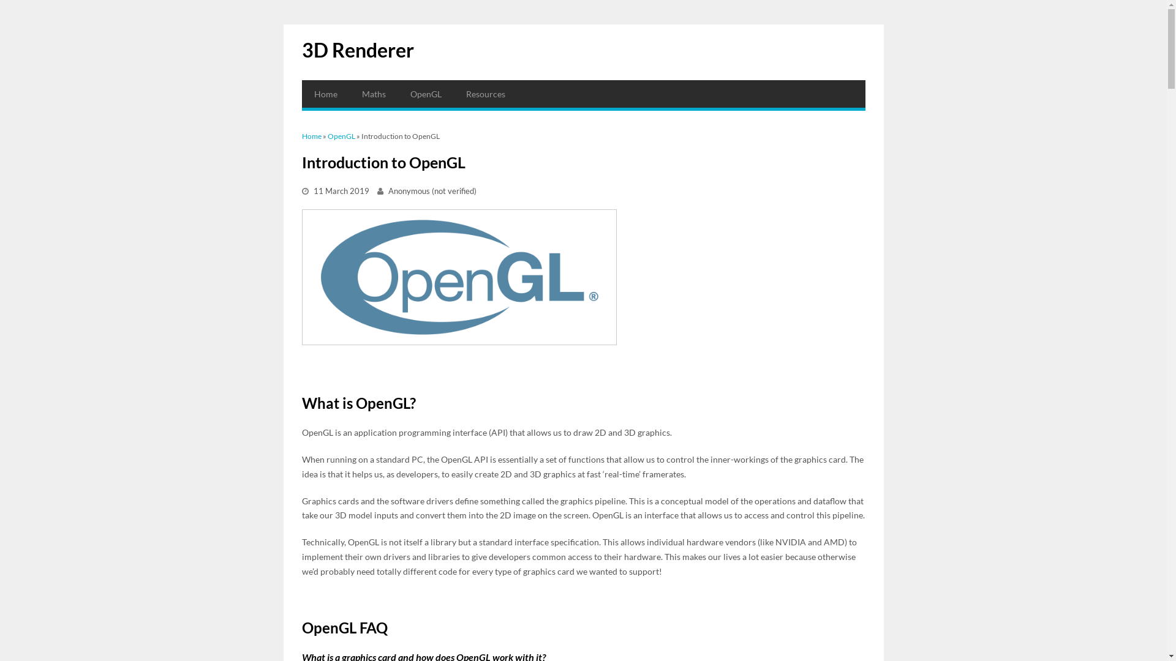 This screenshot has width=1176, height=661. I want to click on '3D Renderer', so click(356, 49).